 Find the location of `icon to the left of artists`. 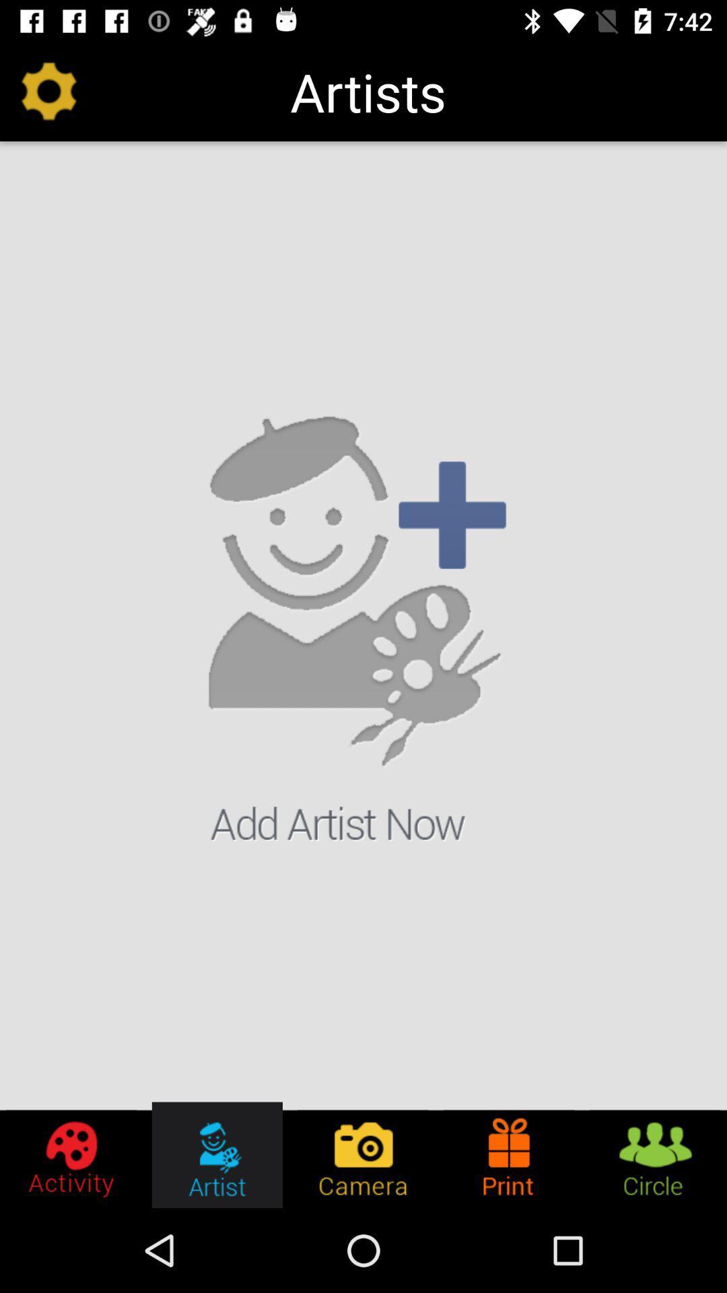

icon to the left of artists is located at coordinates (48, 91).